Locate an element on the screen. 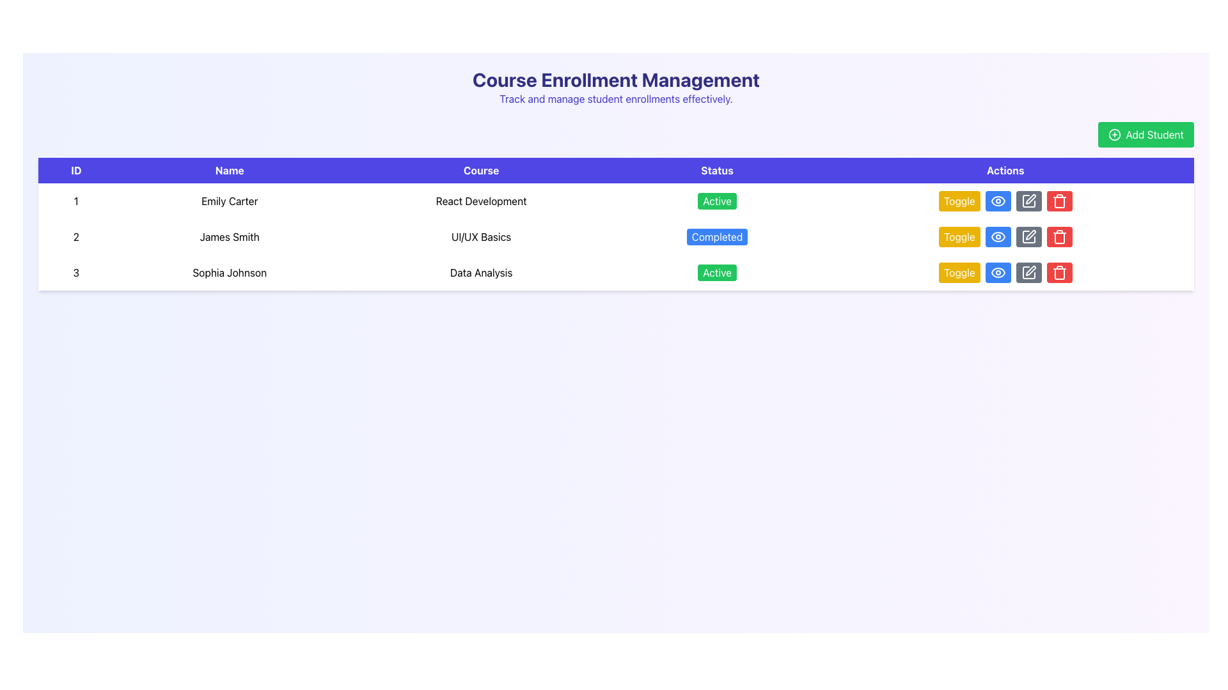 Image resolution: width=1228 pixels, height=690 pixels. the 'Active' status indicator label located in the 'Status' column of the third row in the 'Course Enrollment Management' table is located at coordinates (717, 272).